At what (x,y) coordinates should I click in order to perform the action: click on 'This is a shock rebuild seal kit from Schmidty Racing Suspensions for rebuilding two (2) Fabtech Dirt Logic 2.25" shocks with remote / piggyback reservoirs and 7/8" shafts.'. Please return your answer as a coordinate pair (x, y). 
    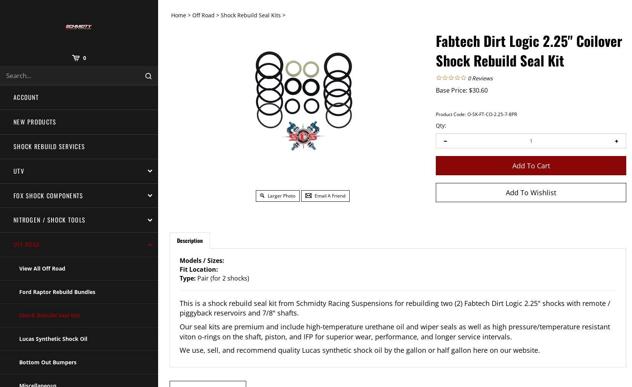
    Looking at the image, I should click on (394, 307).